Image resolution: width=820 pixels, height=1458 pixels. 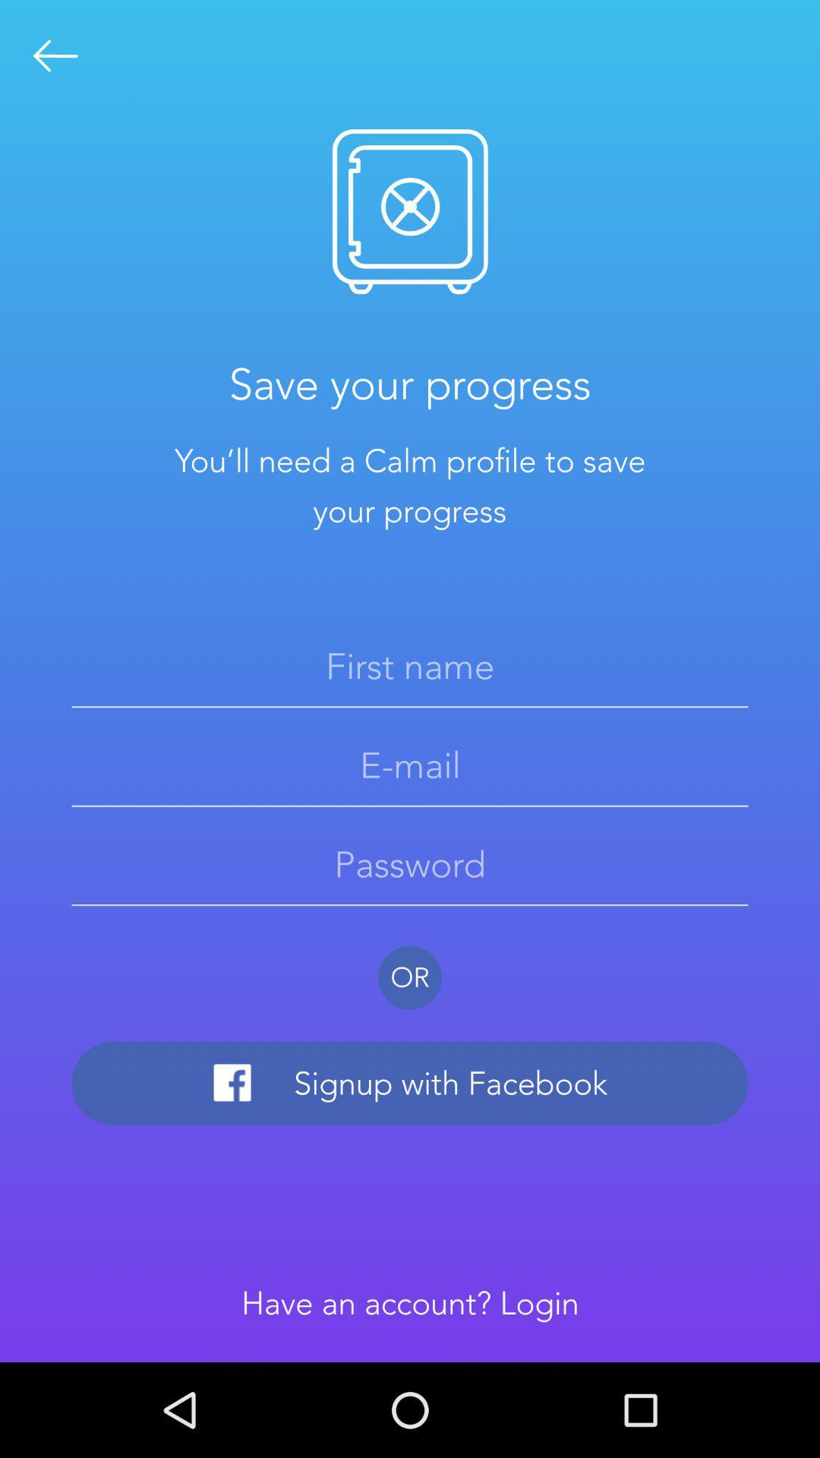 I want to click on your password, so click(x=410, y=864).